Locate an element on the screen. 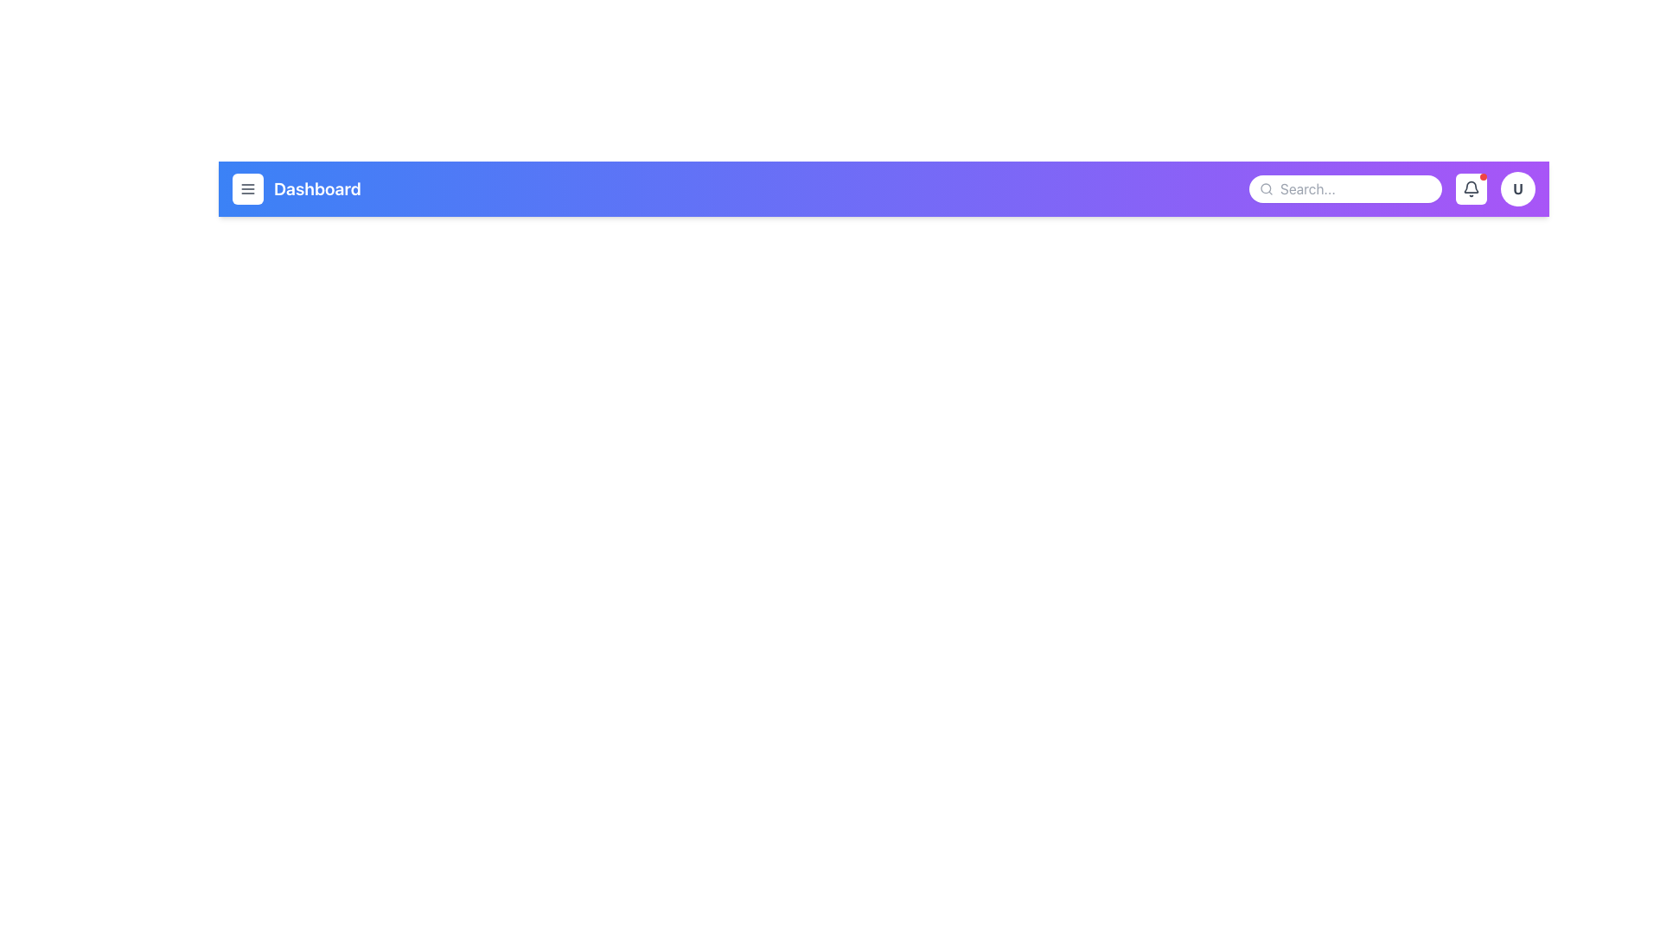 The width and height of the screenshot is (1660, 933). the notification button located in the top-right corner of the main interface is located at coordinates (1471, 189).